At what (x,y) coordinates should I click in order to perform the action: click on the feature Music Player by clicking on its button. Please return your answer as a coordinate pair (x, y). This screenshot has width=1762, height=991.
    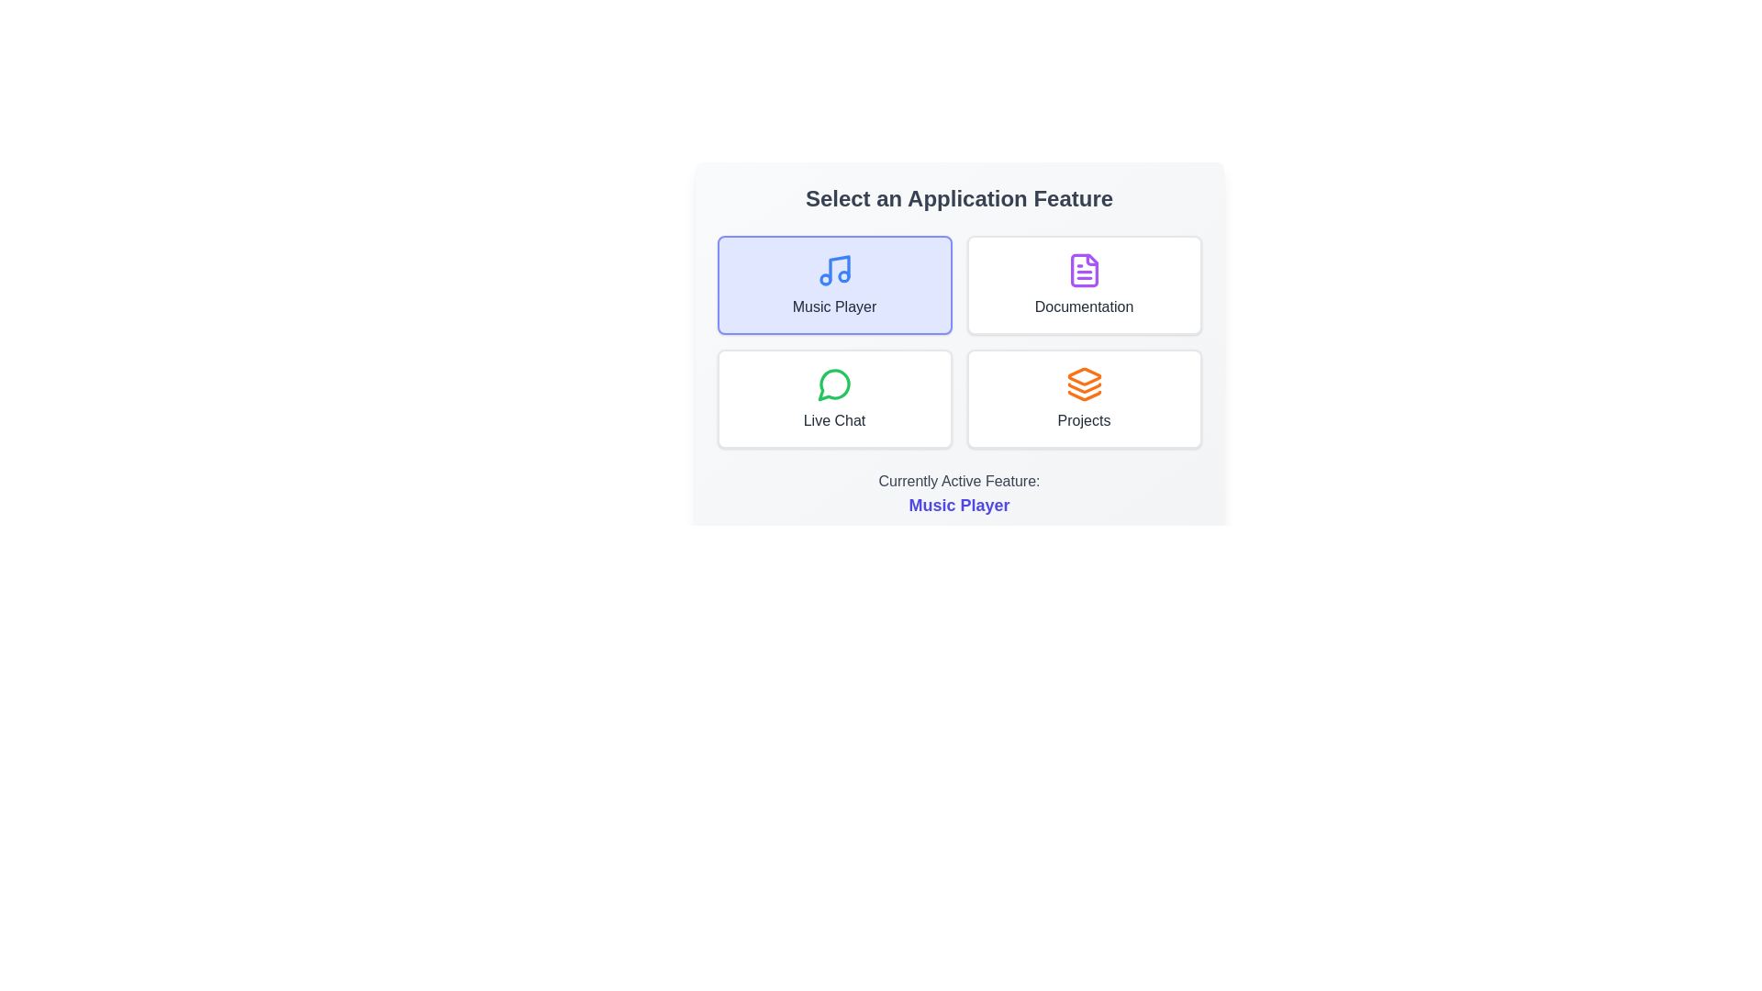
    Looking at the image, I should click on (833, 285).